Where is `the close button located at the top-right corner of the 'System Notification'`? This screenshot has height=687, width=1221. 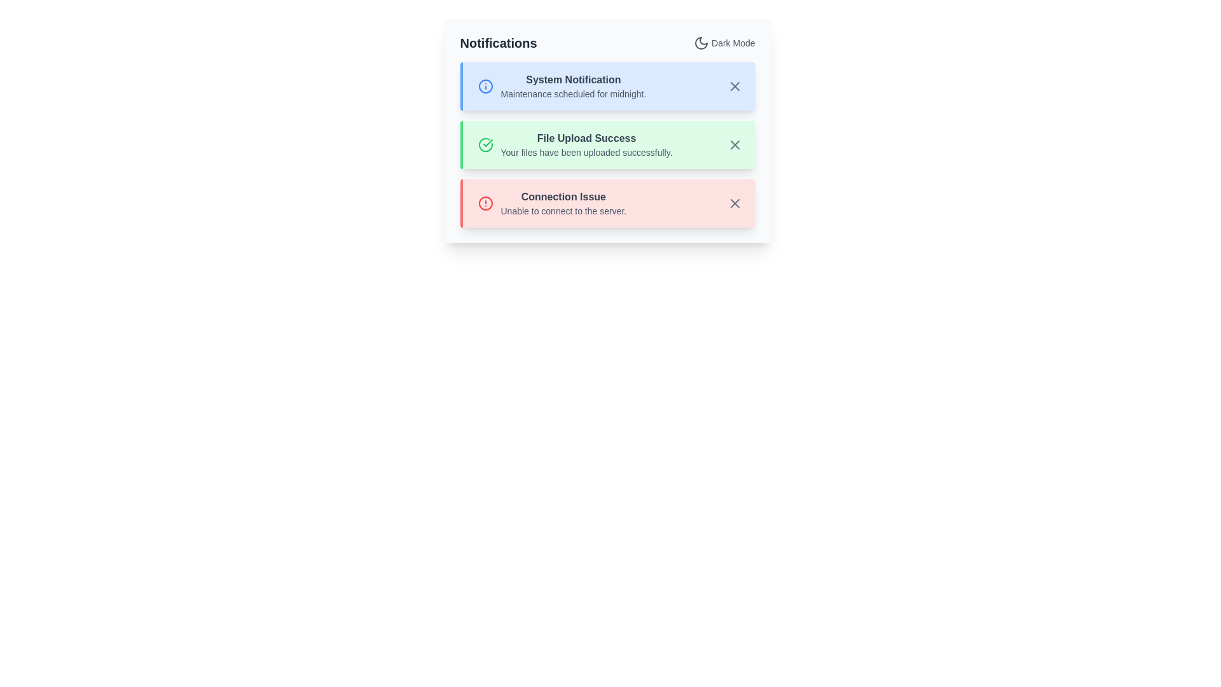
the close button located at the top-right corner of the 'System Notification' is located at coordinates (735, 86).